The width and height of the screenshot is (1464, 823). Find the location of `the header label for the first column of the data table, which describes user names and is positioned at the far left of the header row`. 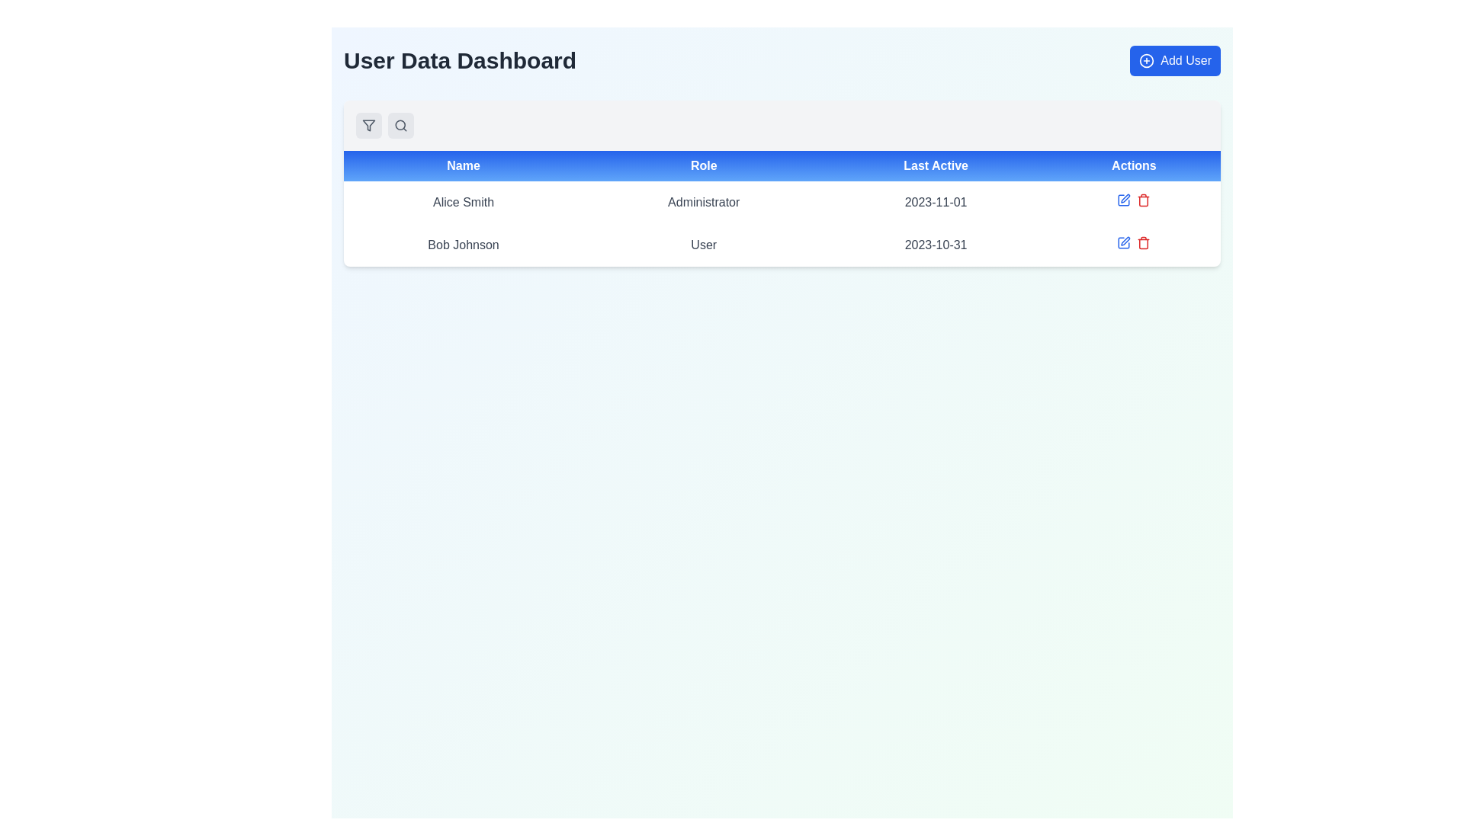

the header label for the first column of the data table, which describes user names and is positioned at the far left of the header row is located at coordinates (463, 166).